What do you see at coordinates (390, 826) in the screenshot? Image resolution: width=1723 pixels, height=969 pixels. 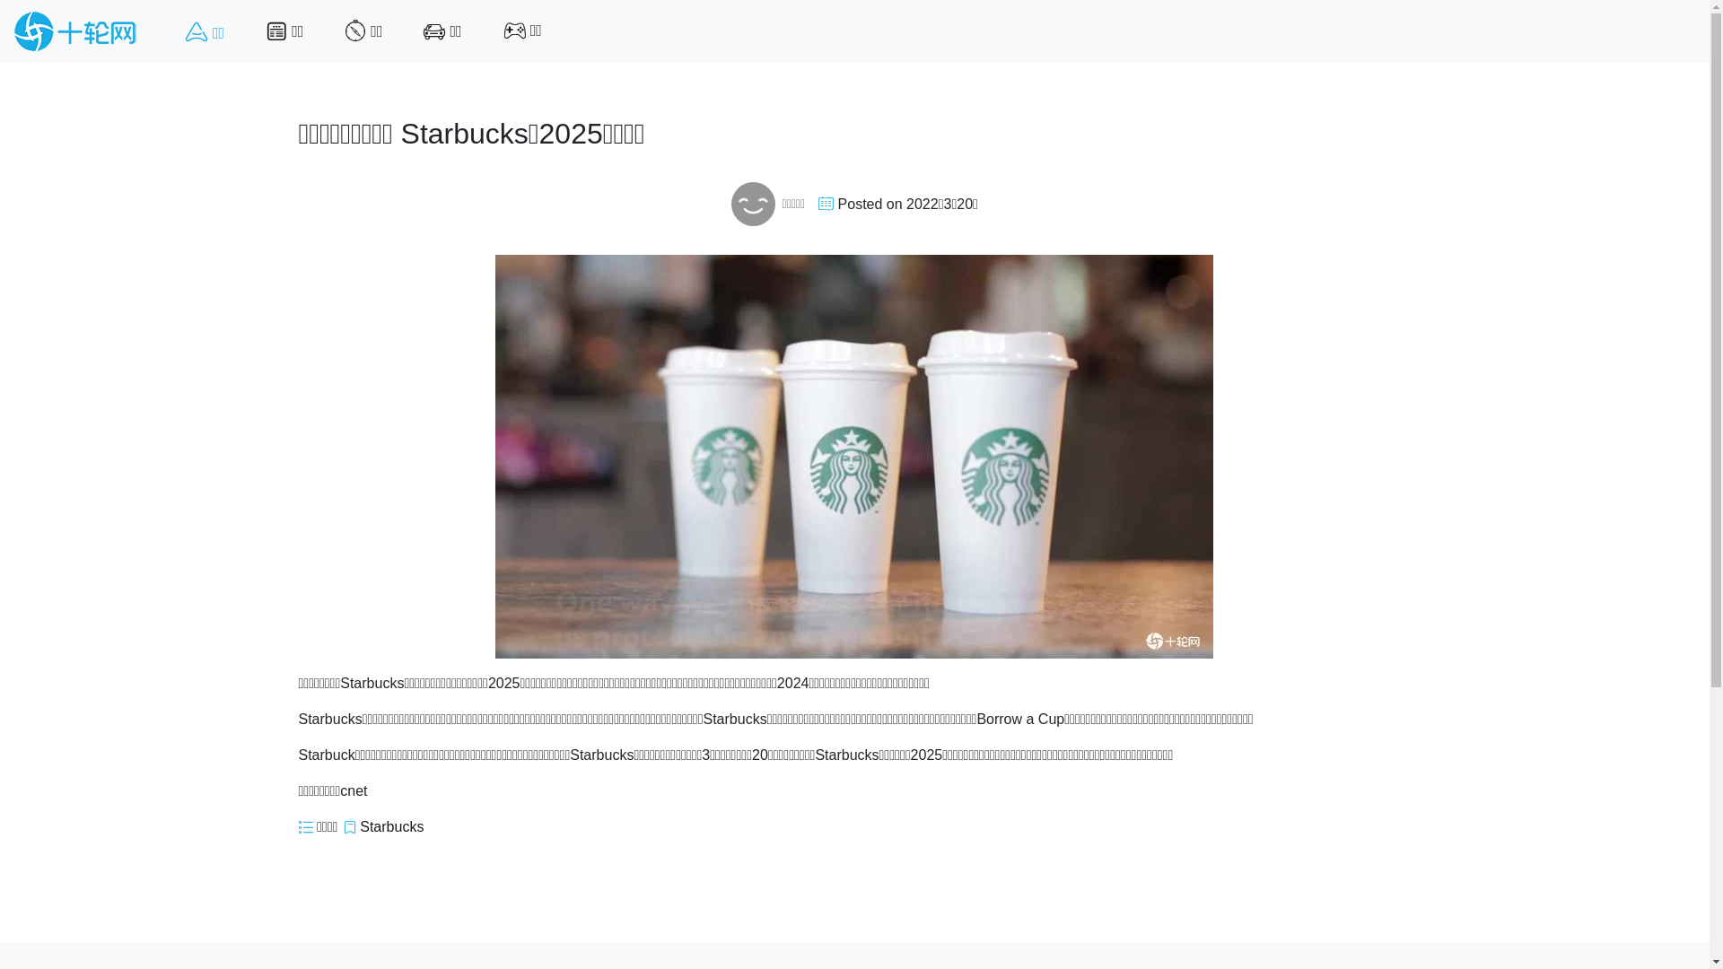 I see `'Starbucks'` at bounding box center [390, 826].